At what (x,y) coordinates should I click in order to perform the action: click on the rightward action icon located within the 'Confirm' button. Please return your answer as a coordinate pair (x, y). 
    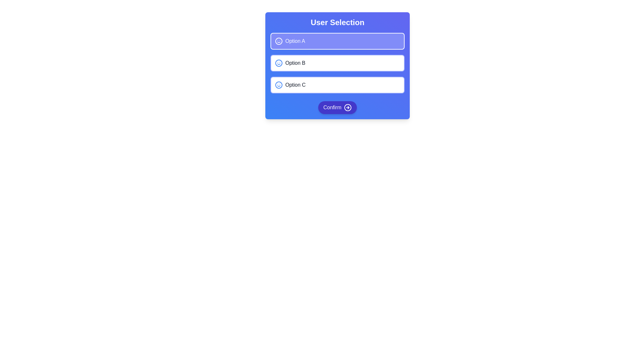
    Looking at the image, I should click on (348, 107).